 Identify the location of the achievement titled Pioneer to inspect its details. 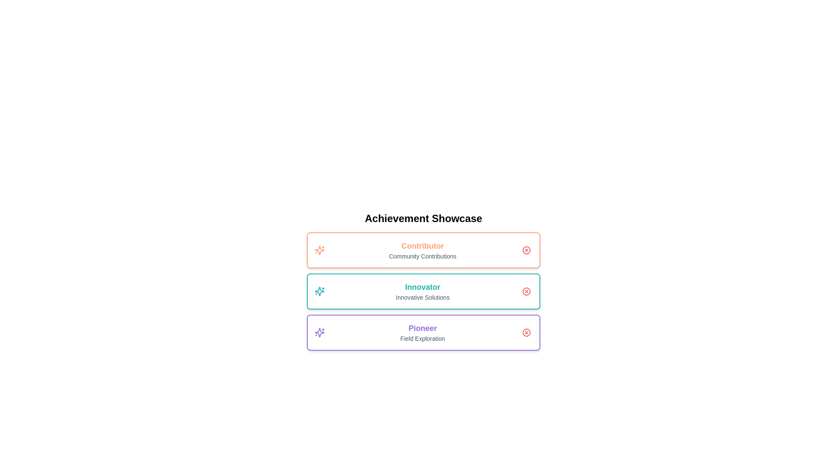
(424, 332).